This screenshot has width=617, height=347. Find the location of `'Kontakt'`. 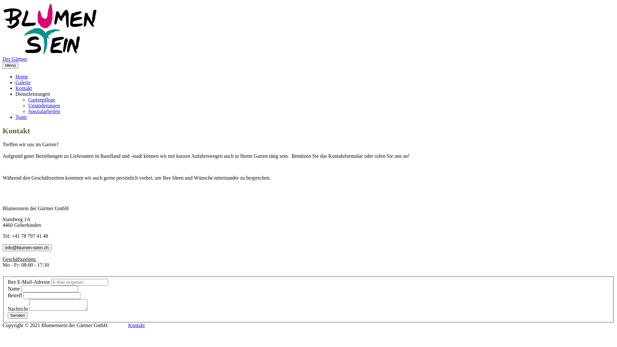

'Kontakt' is located at coordinates (15, 88).